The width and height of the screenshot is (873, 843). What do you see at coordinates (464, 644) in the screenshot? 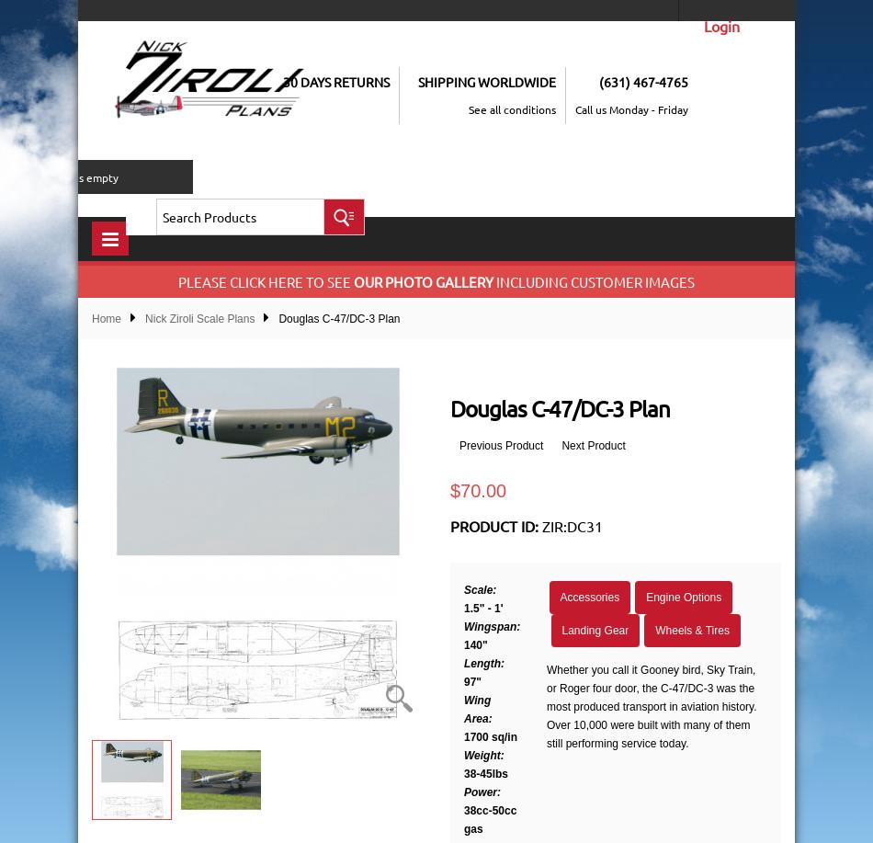
I see `'140"'` at bounding box center [464, 644].